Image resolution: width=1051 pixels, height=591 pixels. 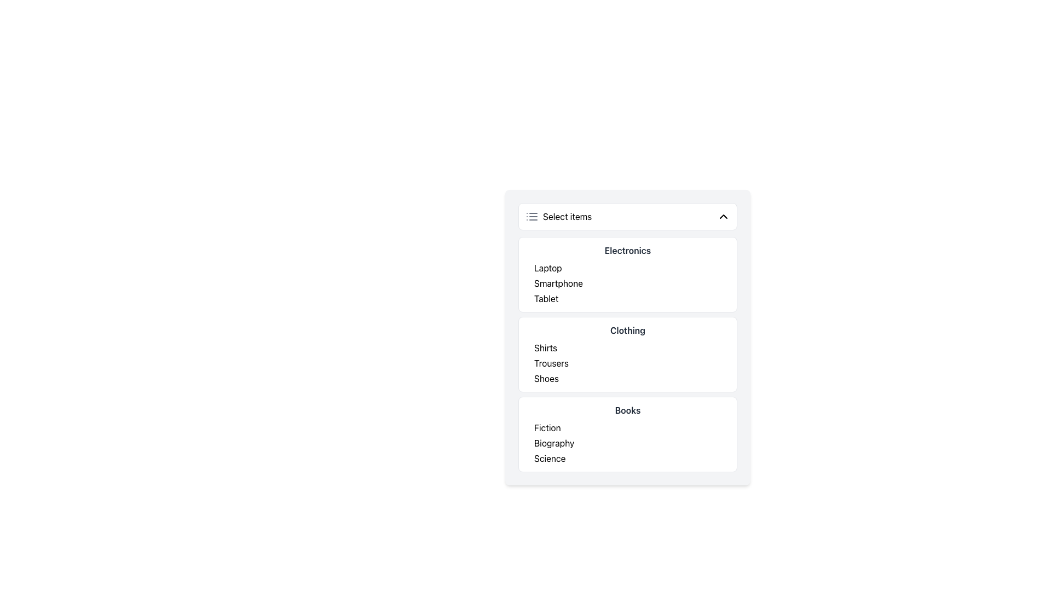 I want to click on the 'Trousers' text label located in the 'Clothing' submenu, so click(x=551, y=363).